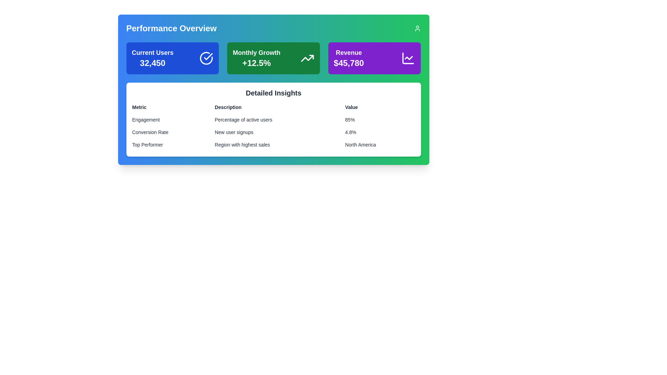 This screenshot has width=667, height=375. Describe the element at coordinates (408, 58) in the screenshot. I see `the 'Revenue' icon located in the top-right section of the 'Performance Overview' card, adjacent to the text '$45,780', to interact with it` at that location.